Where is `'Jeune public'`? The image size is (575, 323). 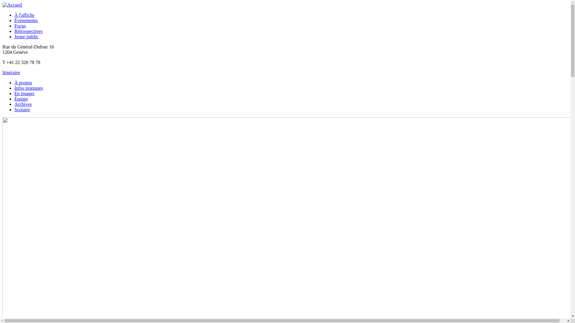 'Jeune public' is located at coordinates (26, 36).